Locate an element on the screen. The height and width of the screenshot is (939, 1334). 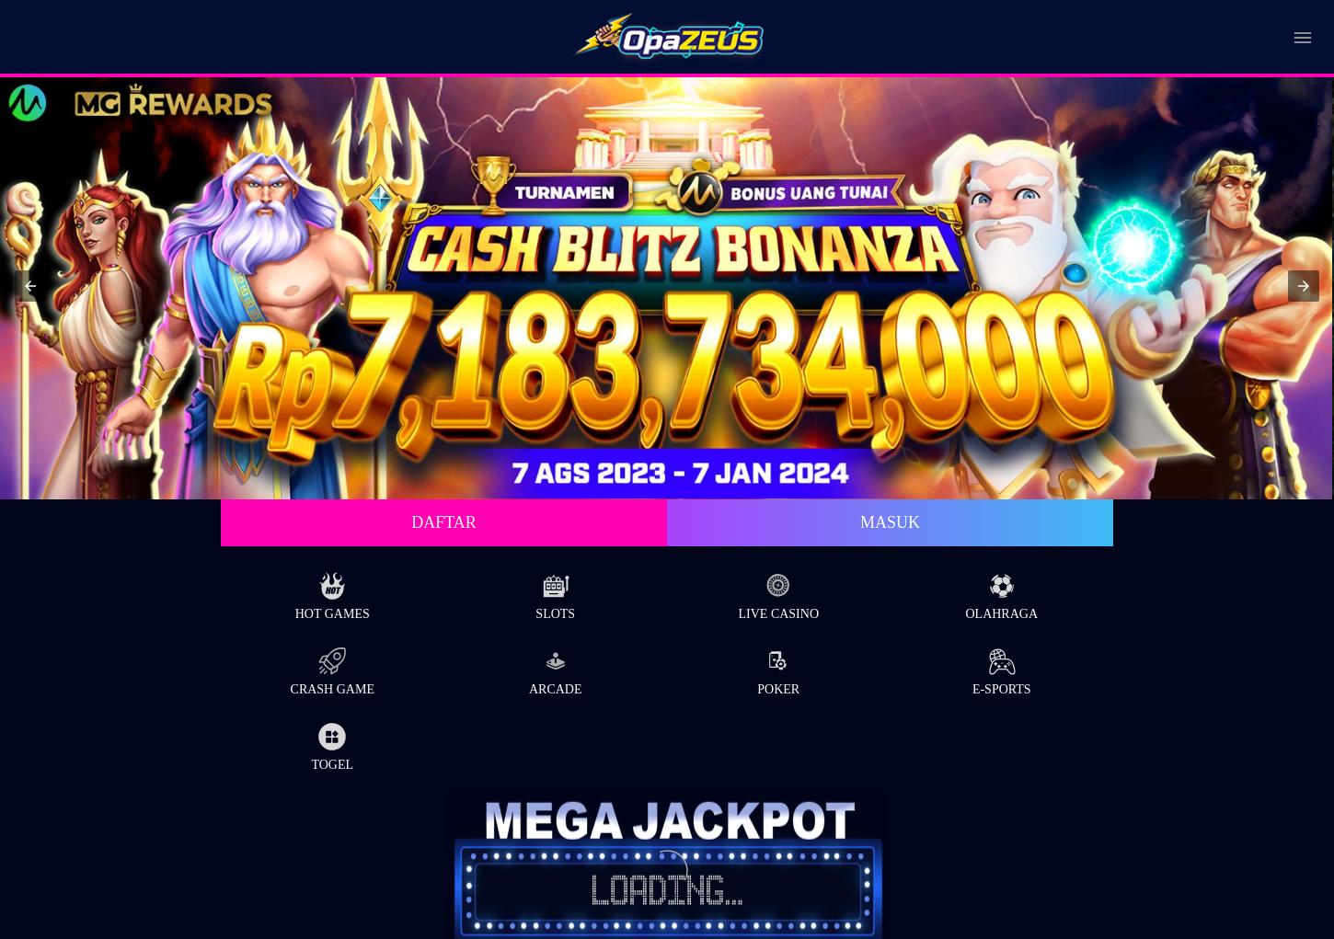
'Slots' is located at coordinates (555, 612).